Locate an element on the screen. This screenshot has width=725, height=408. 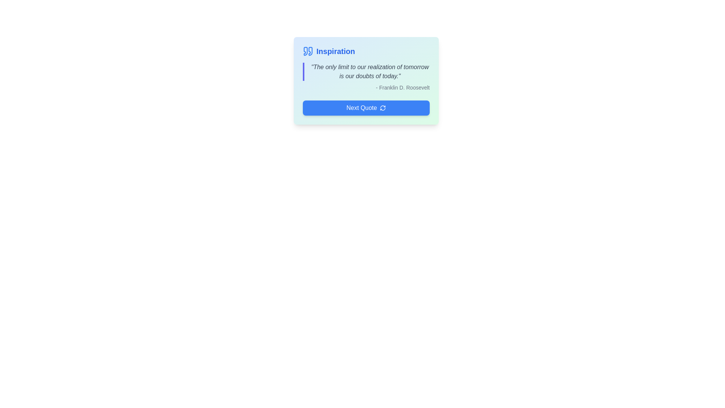
the reload or refresh icon located to the right of the 'Next Quote' text inside the blue rounded button at the bottom of the card layout is located at coordinates (383, 108).